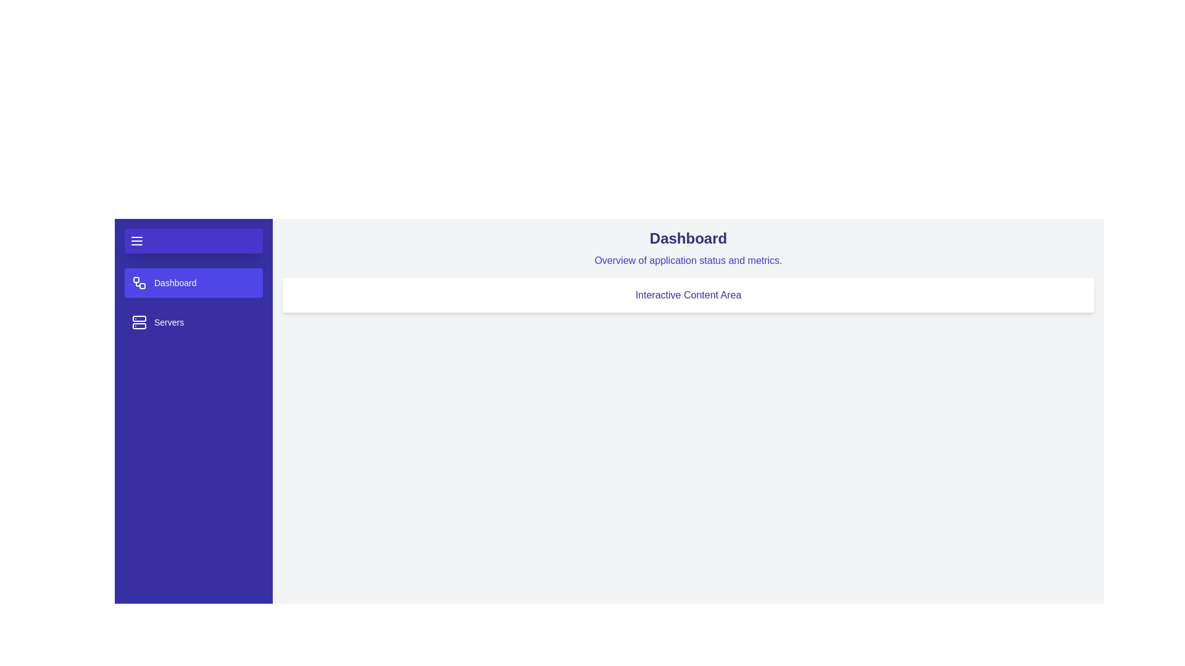  I want to click on the menu item Dashboard to highlight it, so click(193, 283).